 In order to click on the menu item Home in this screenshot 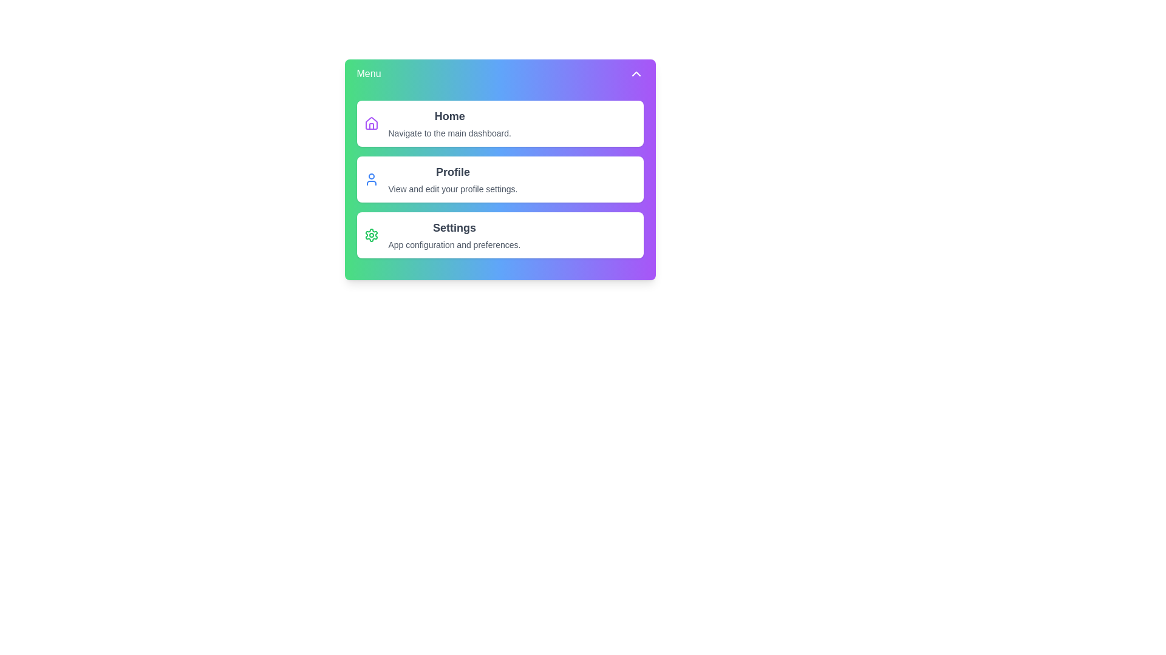, I will do `click(500, 124)`.